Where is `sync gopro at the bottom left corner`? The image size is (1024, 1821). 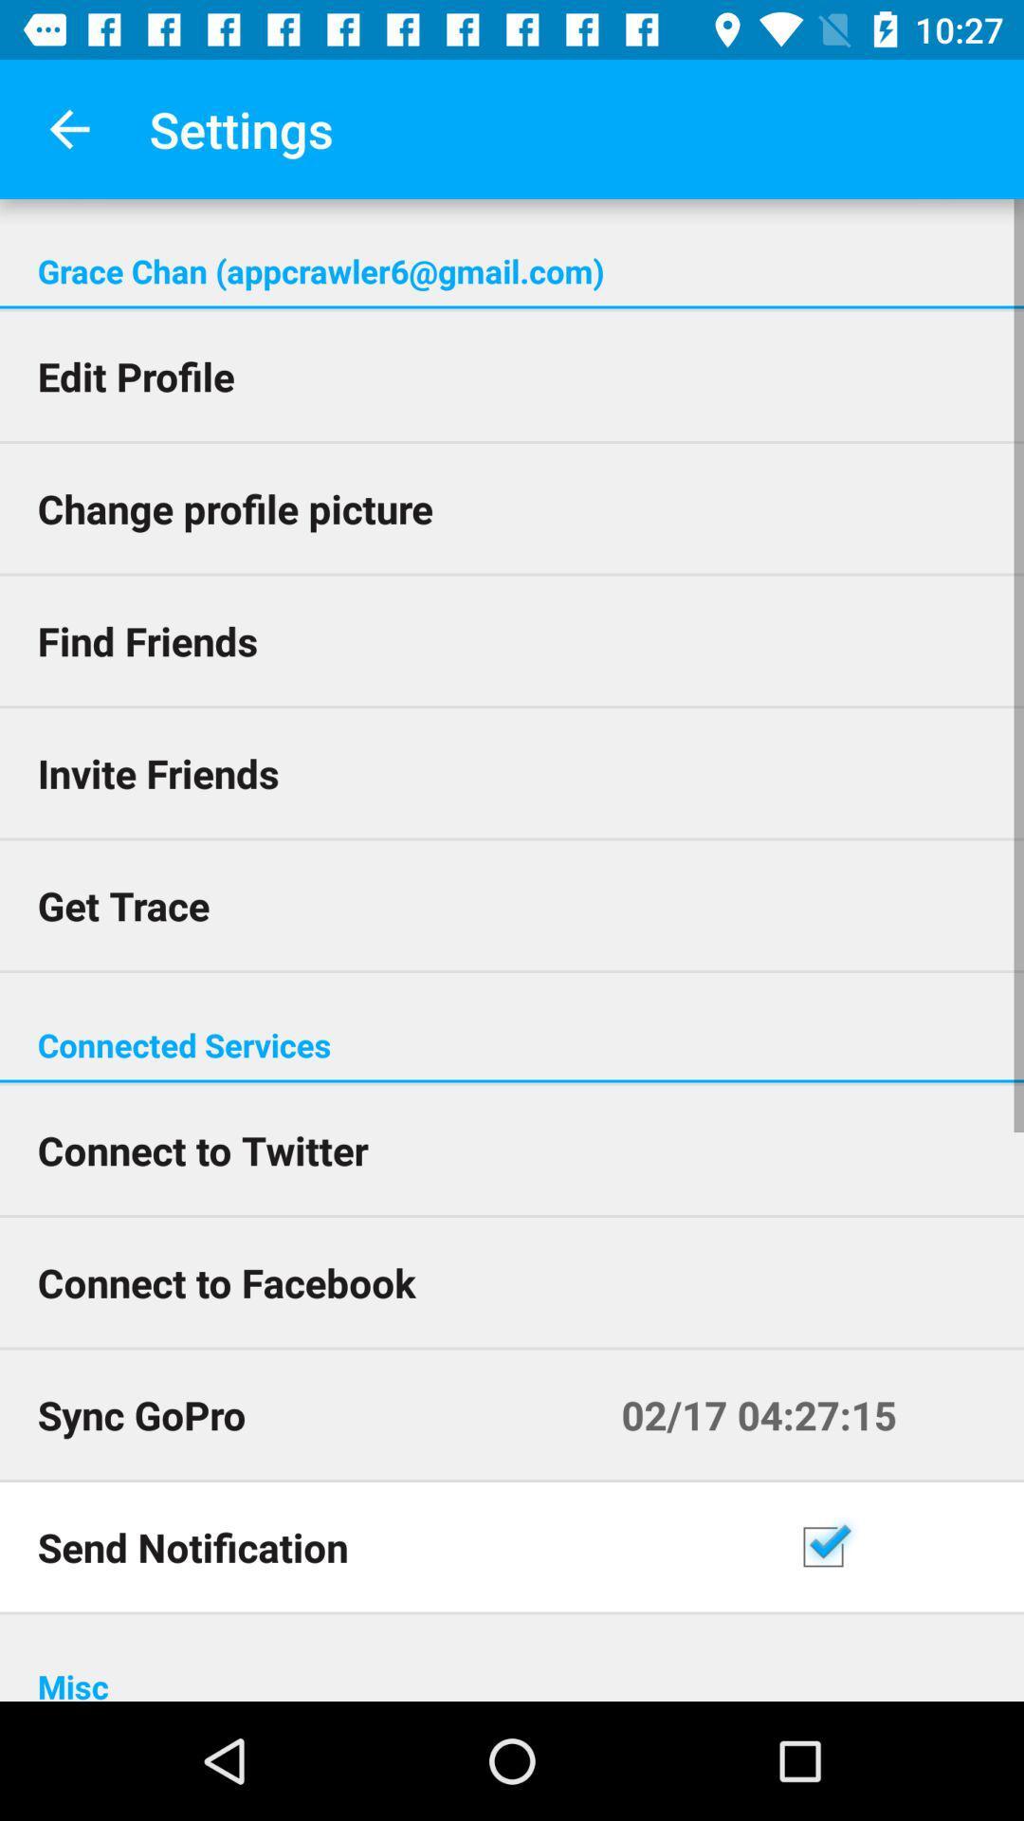 sync gopro at the bottom left corner is located at coordinates (309, 1414).